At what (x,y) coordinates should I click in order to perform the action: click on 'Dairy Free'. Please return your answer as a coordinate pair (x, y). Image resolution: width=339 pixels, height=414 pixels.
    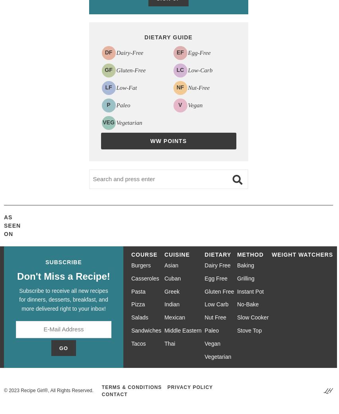
    Looking at the image, I should click on (204, 265).